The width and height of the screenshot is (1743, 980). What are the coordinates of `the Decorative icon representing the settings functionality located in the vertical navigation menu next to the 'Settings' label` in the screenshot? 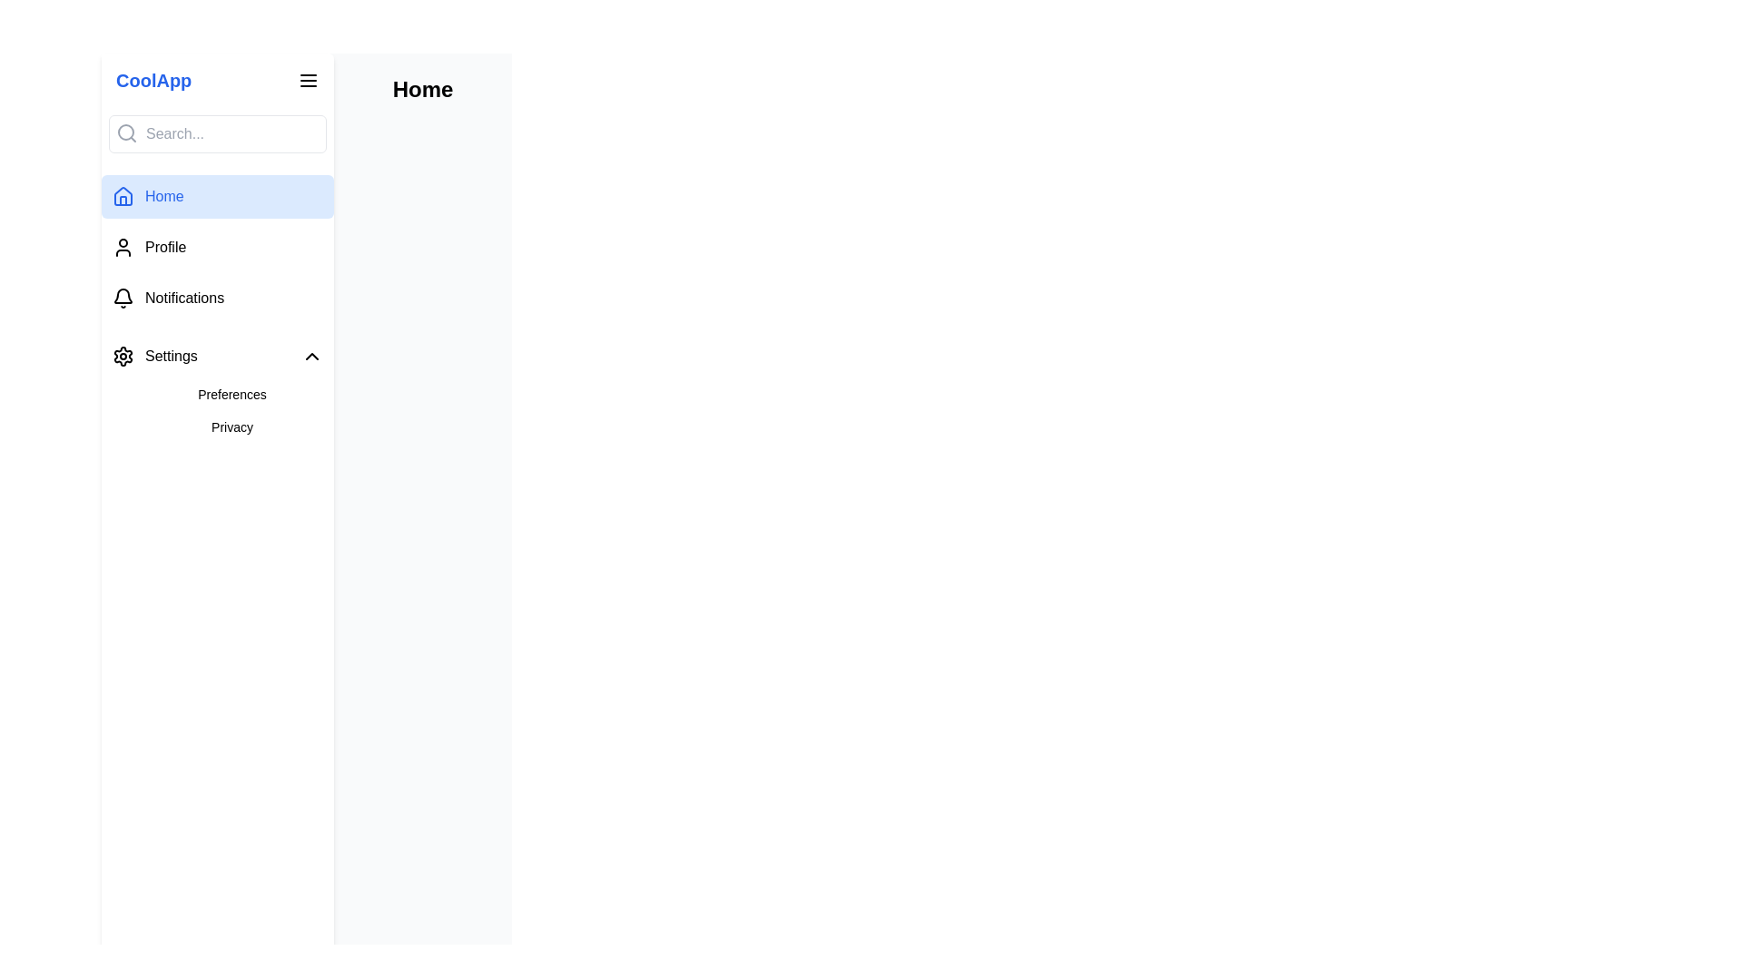 It's located at (122, 357).